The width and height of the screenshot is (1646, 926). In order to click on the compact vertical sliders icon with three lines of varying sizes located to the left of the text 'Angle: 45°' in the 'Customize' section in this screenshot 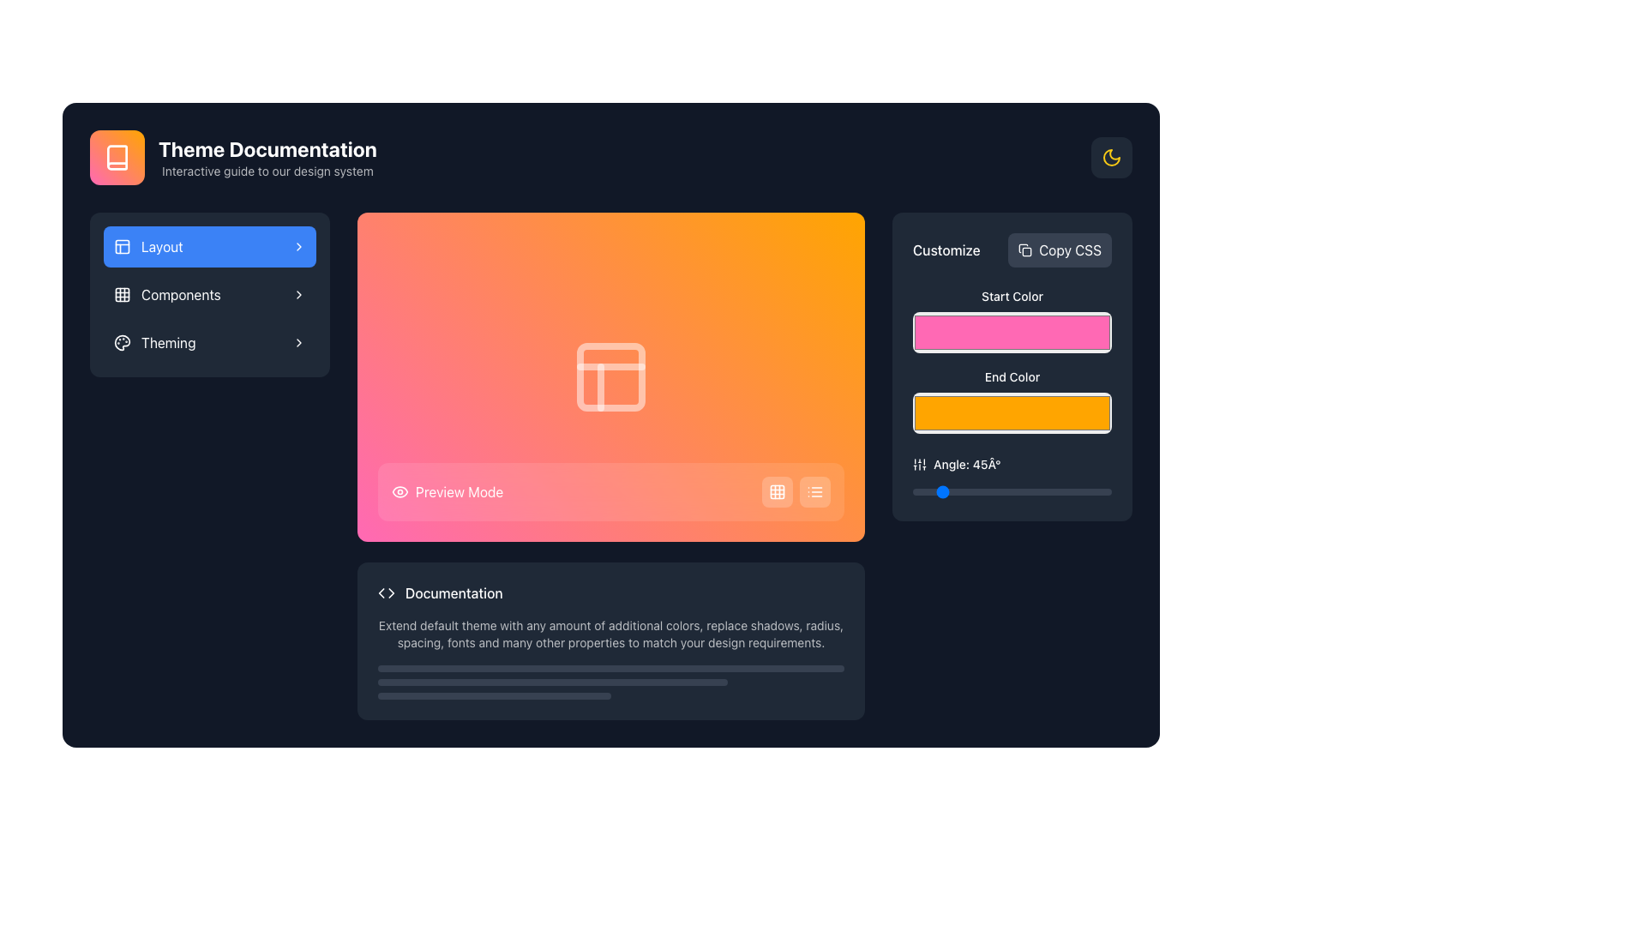, I will do `click(919, 465)`.